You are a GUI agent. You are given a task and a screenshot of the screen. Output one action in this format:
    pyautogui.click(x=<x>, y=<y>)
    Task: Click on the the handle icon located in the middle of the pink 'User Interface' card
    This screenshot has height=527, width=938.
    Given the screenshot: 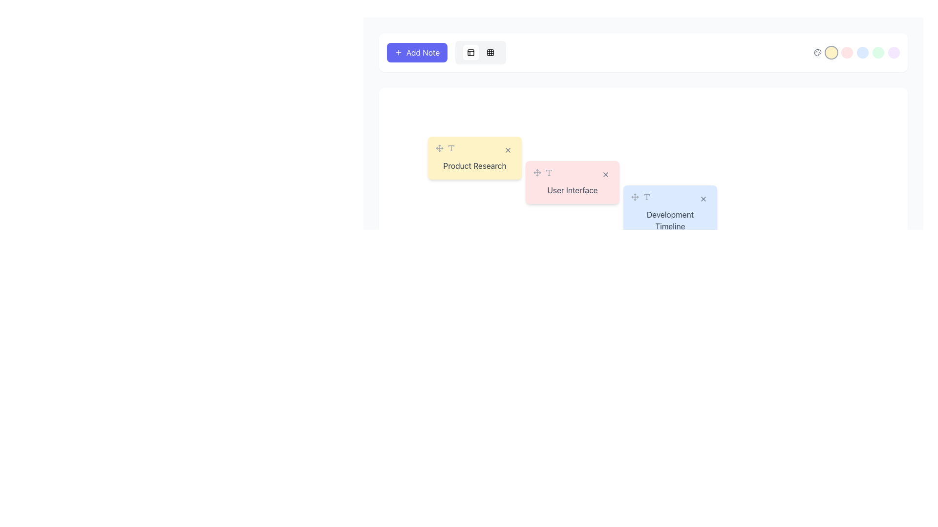 What is the action you would take?
    pyautogui.click(x=536, y=172)
    